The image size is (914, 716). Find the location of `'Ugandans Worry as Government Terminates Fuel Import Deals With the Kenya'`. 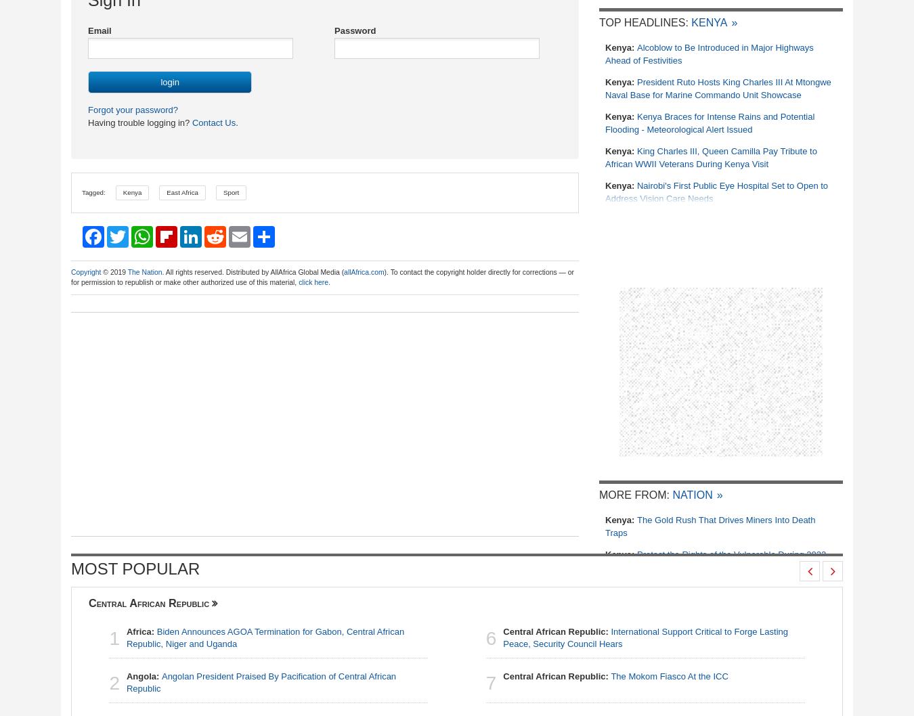

'Ugandans Worry as Government Terminates Fuel Import Deals With the Kenya' is located at coordinates (605, 524).